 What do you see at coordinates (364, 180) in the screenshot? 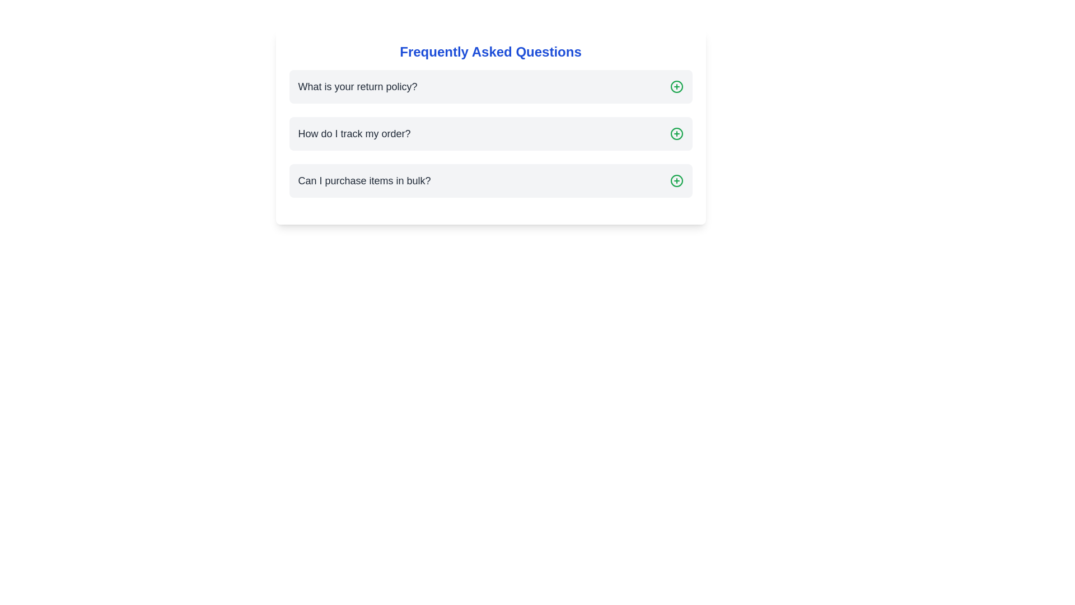
I see `the text label displaying a frequently asked question, which is centrally positioned in the third row of the FAQ list` at bounding box center [364, 180].